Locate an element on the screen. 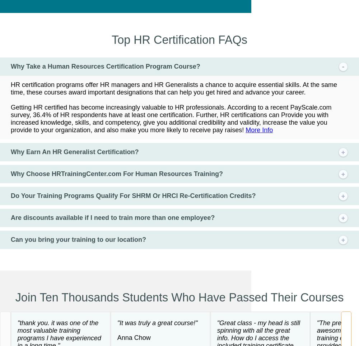 This screenshot has width=359, height=346. '"It was truly a great course!"' is located at coordinates (157, 322).